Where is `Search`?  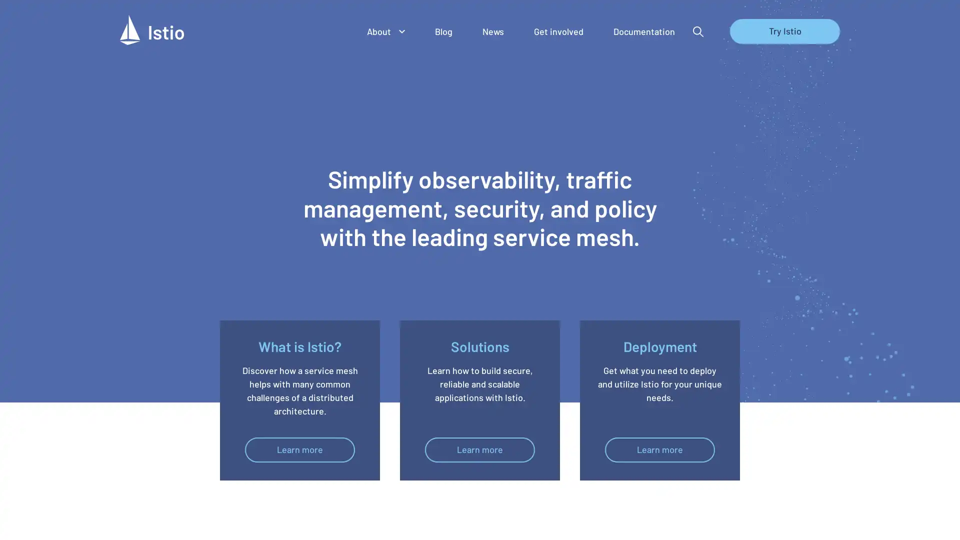
Search is located at coordinates (697, 32).